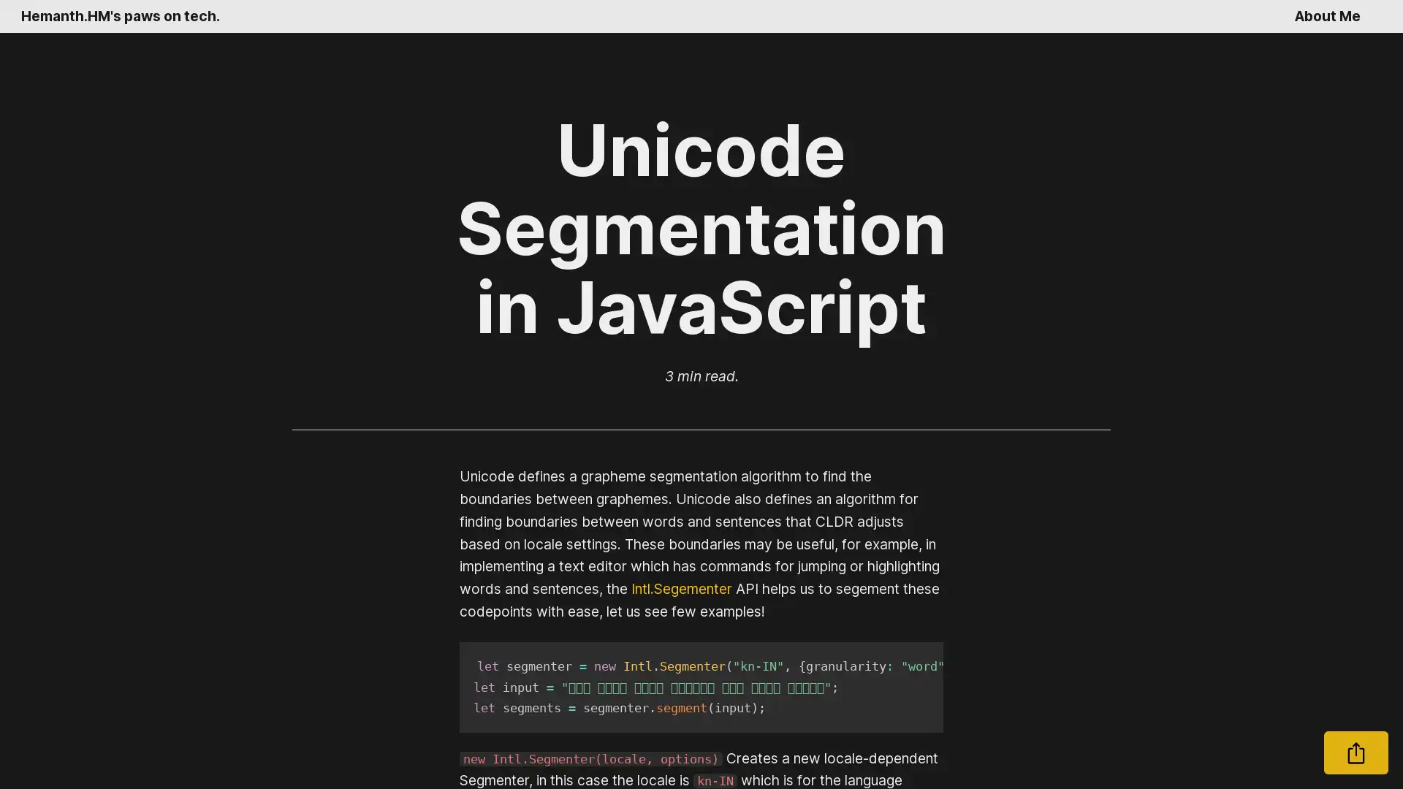 This screenshot has height=789, width=1403. I want to click on Share, so click(1356, 752).